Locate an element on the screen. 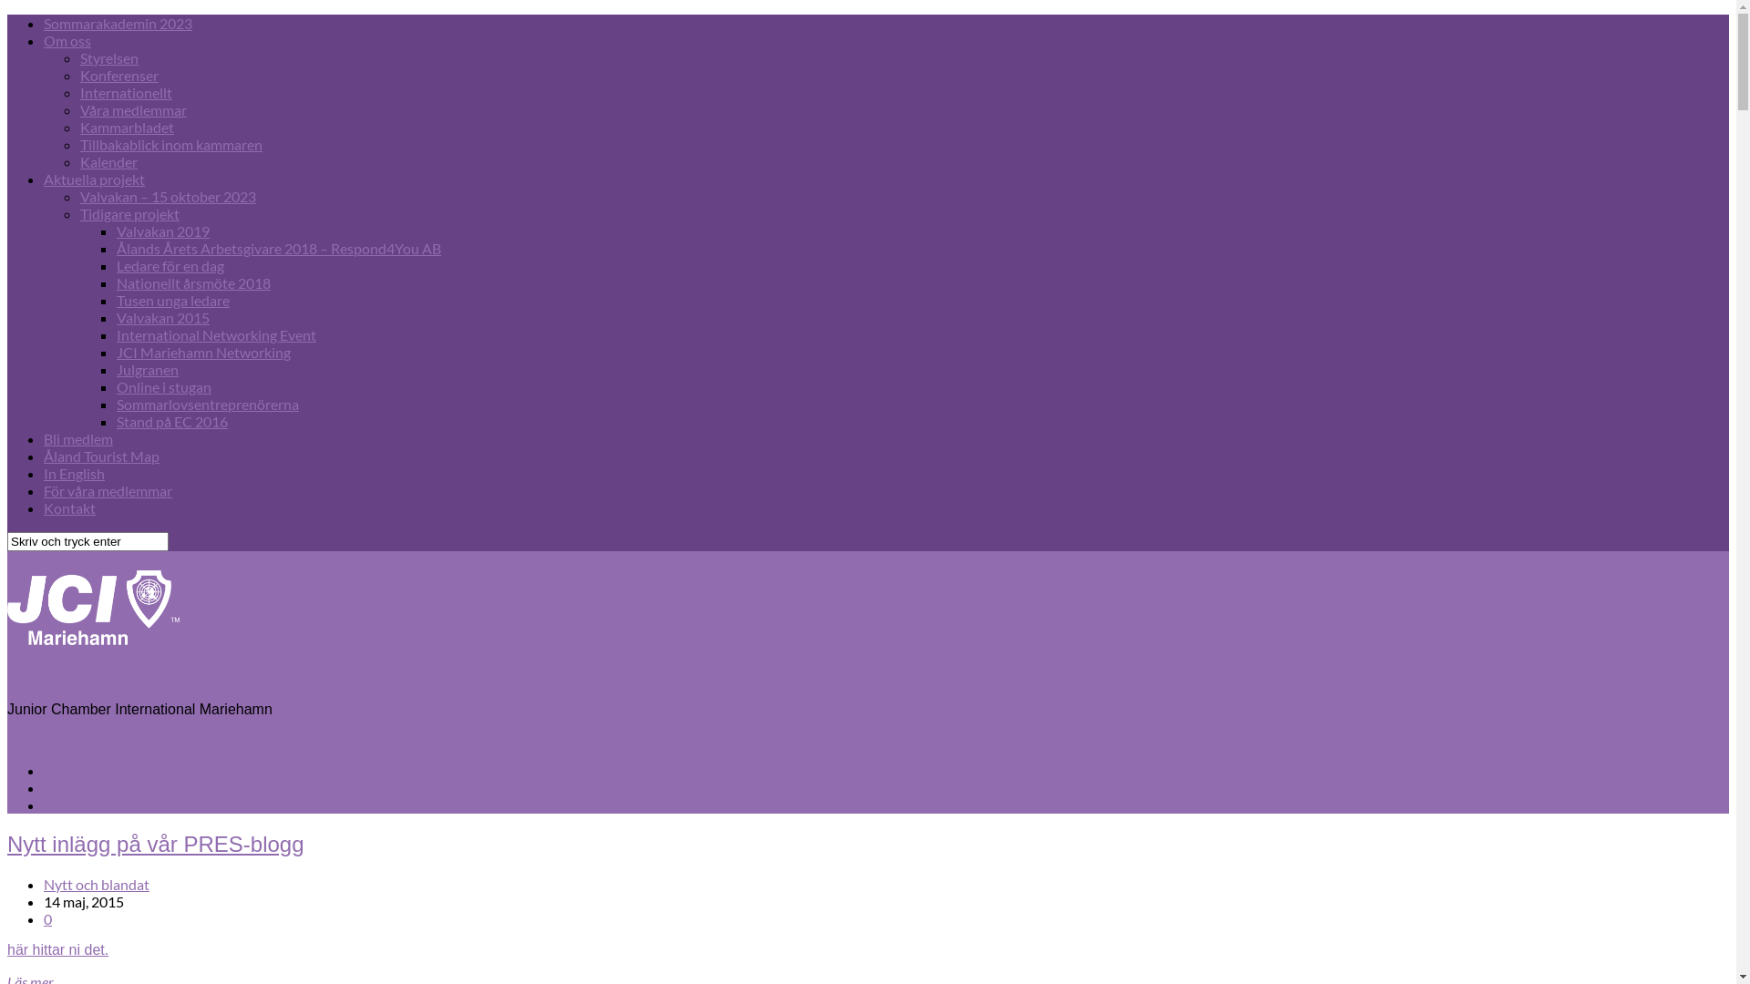 The image size is (1750, 984). '0' is located at coordinates (47, 918).